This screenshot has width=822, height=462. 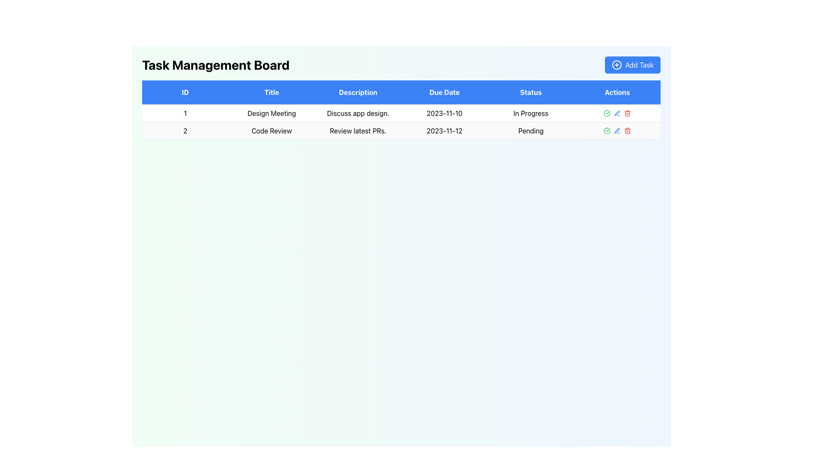 What do you see at coordinates (358, 113) in the screenshot?
I see `the text element containing 'Discuss app design.' in the 'Description' column of the first row` at bounding box center [358, 113].